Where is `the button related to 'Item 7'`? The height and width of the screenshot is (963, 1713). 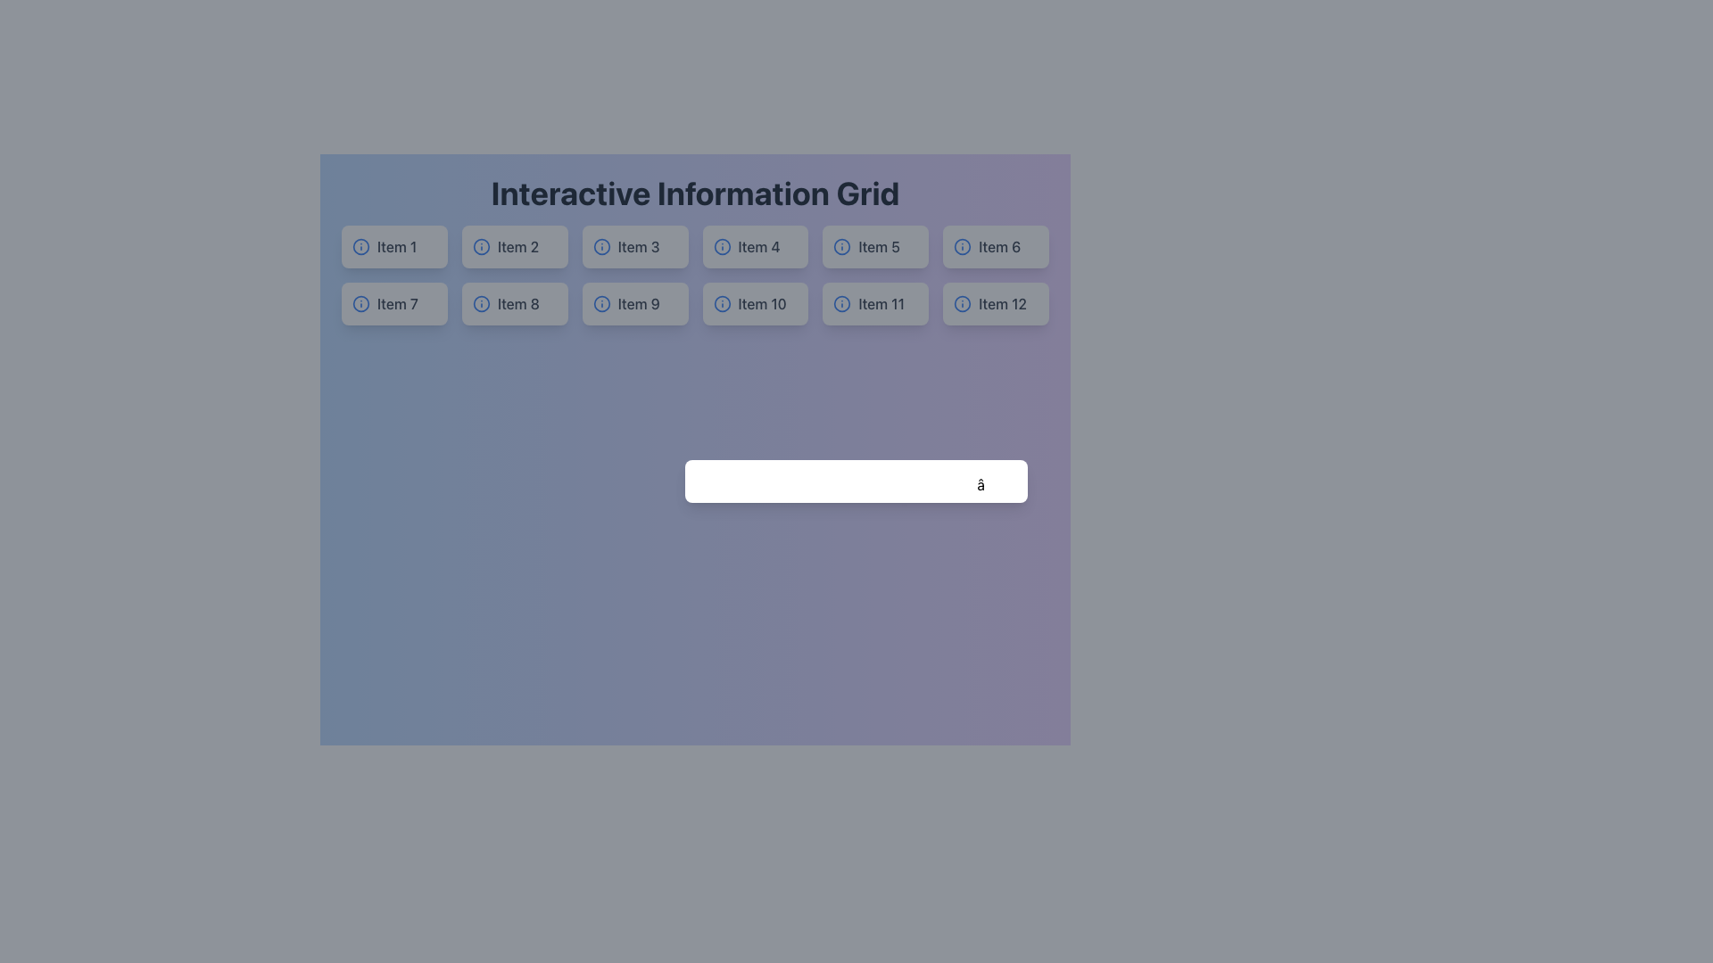 the button related to 'Item 7' is located at coordinates (393, 302).